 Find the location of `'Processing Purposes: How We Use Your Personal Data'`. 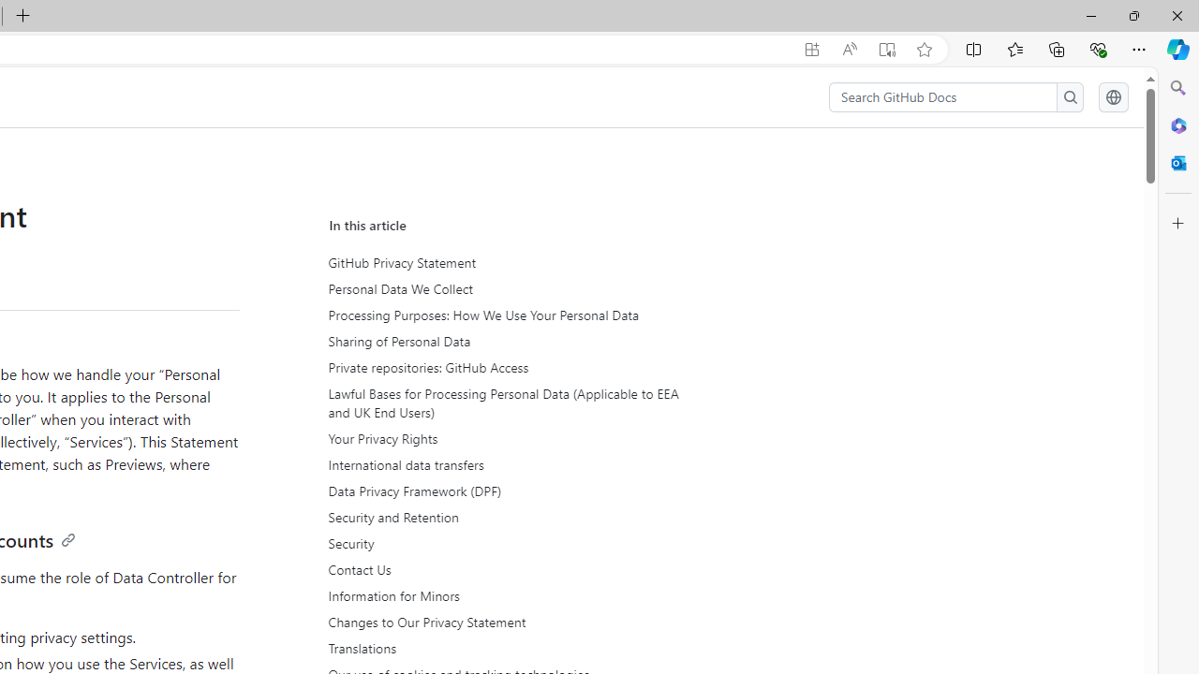

'Processing Purposes: How We Use Your Personal Data' is located at coordinates (501, 315).